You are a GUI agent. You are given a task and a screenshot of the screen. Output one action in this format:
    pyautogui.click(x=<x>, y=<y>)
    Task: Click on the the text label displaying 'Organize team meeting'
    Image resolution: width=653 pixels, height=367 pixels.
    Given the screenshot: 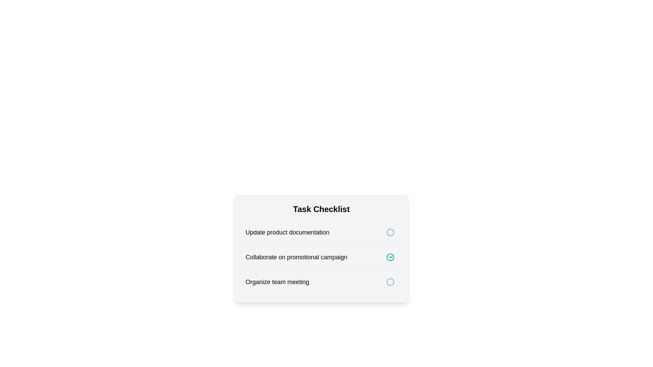 What is the action you would take?
    pyautogui.click(x=277, y=282)
    